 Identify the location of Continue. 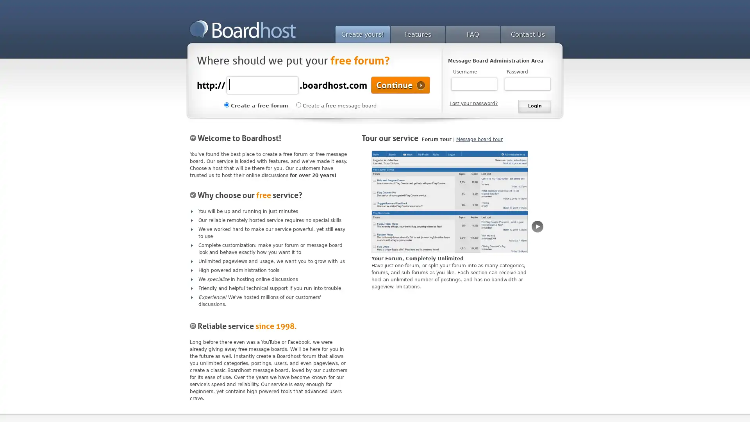
(400, 85).